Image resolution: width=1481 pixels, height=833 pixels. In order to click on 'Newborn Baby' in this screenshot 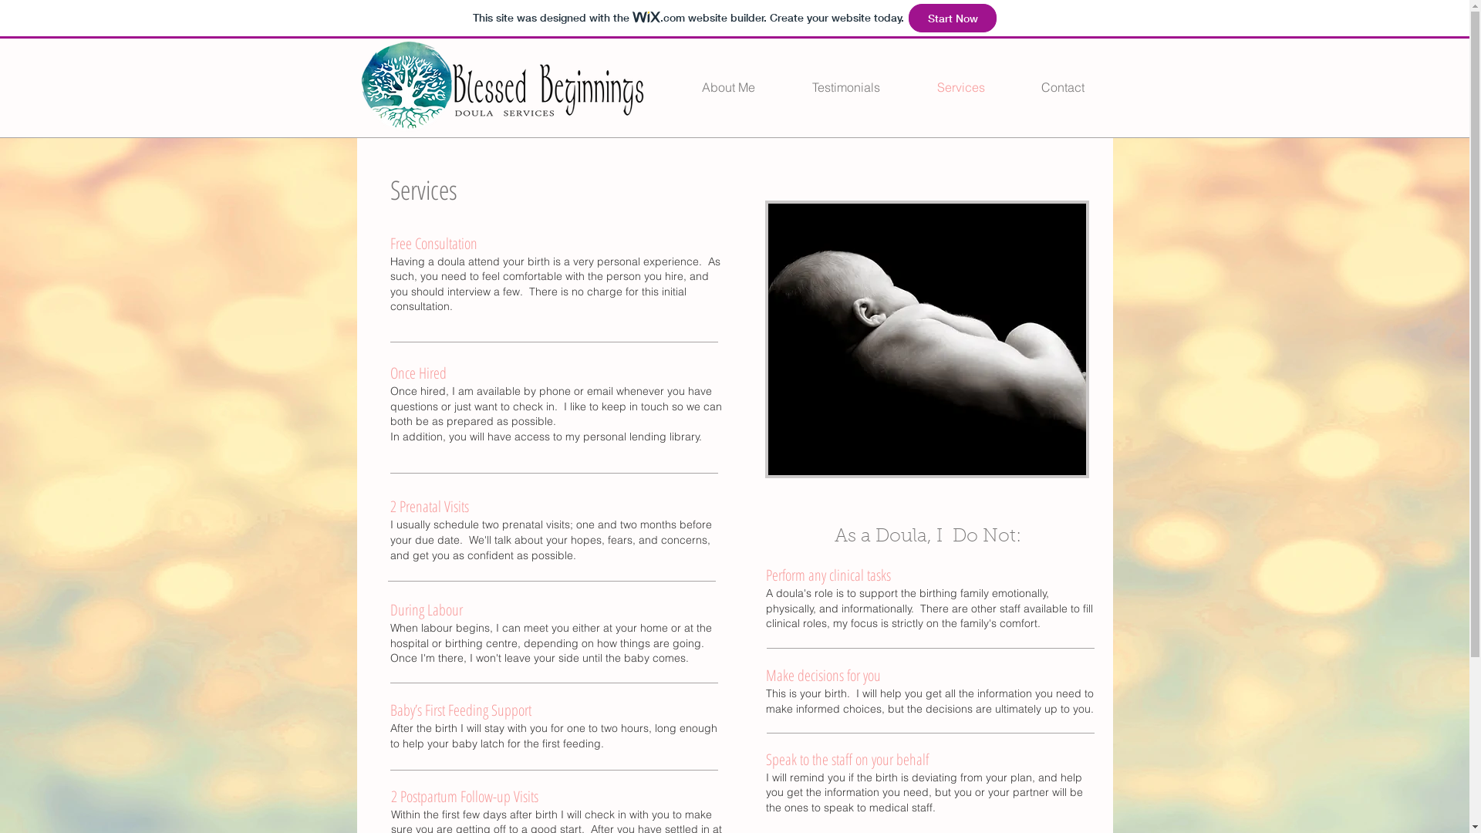, I will do `click(926, 338)`.